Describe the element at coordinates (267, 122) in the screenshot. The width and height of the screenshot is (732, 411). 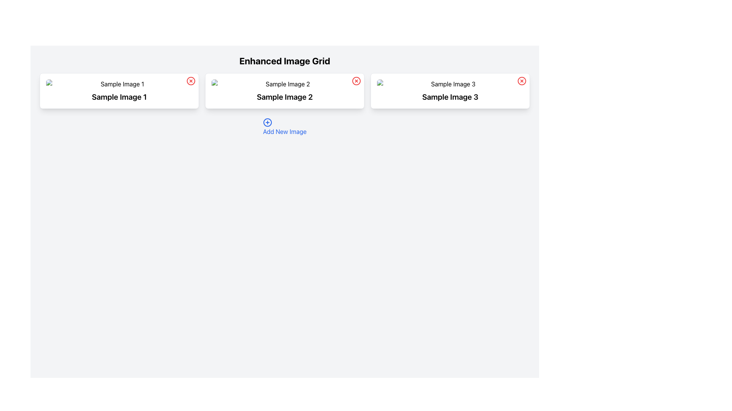
I see `the SVG Circle element that serves as a decorative component of the 'Add New Image' button, indicating the action to add an item to the image grid` at that location.